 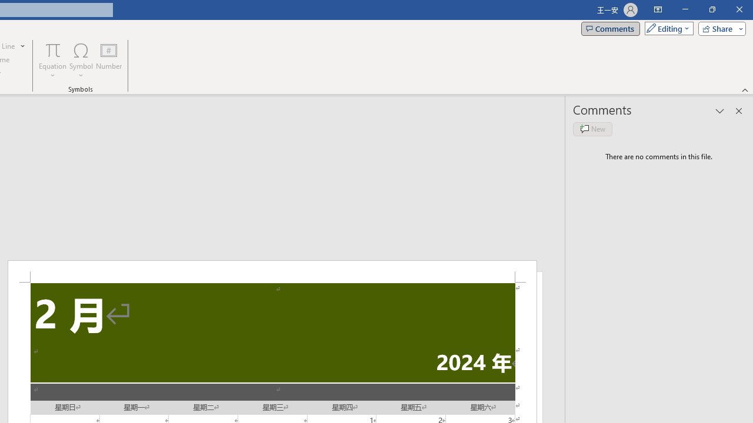 I want to click on 'Minimize', so click(x=685, y=9).